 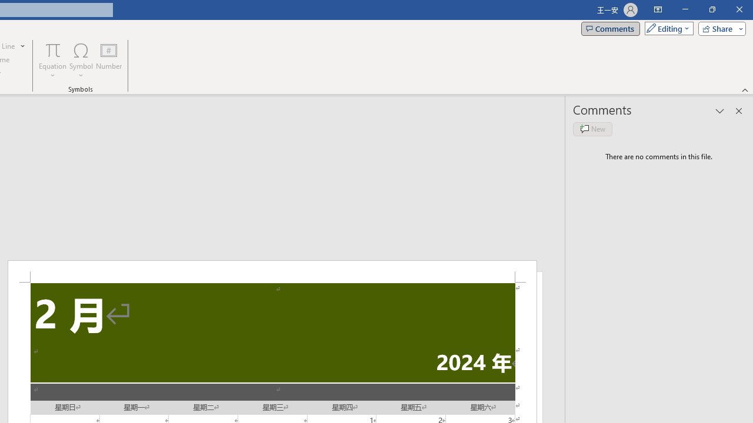 I want to click on 'Minimize', so click(x=685, y=9).